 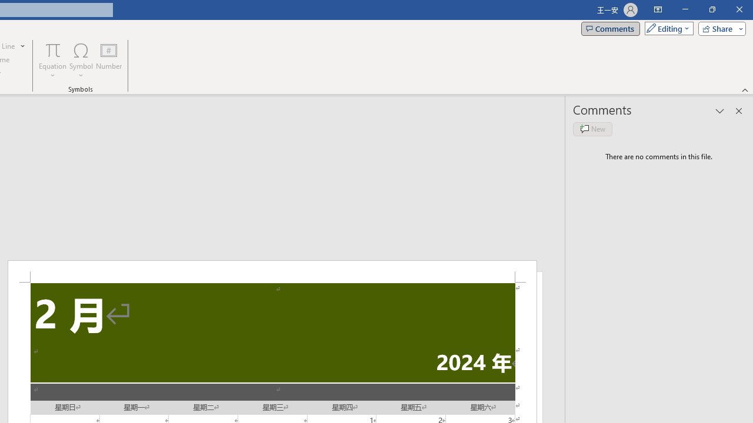 I want to click on 'Minimize', so click(x=685, y=9).